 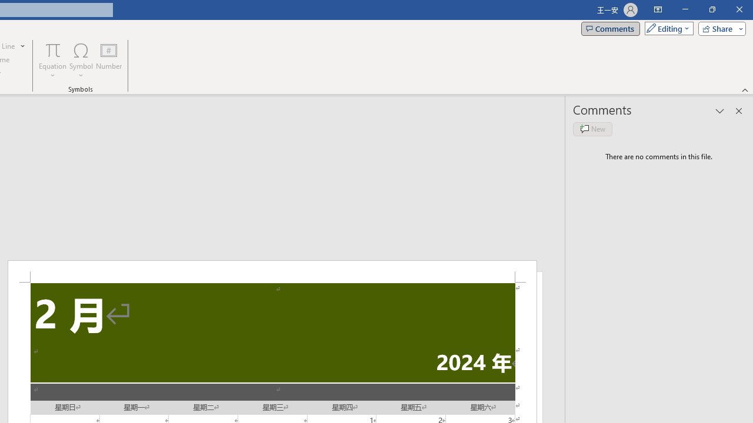 I want to click on 'Minimize', so click(x=685, y=9).